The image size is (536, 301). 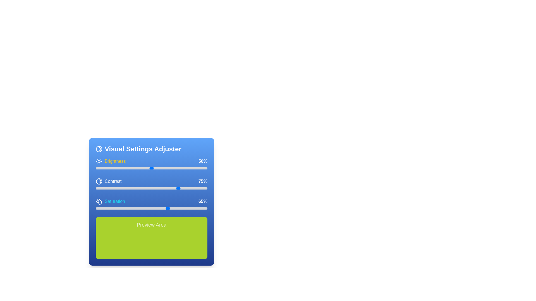 What do you see at coordinates (161, 208) in the screenshot?
I see `saturation` at bounding box center [161, 208].